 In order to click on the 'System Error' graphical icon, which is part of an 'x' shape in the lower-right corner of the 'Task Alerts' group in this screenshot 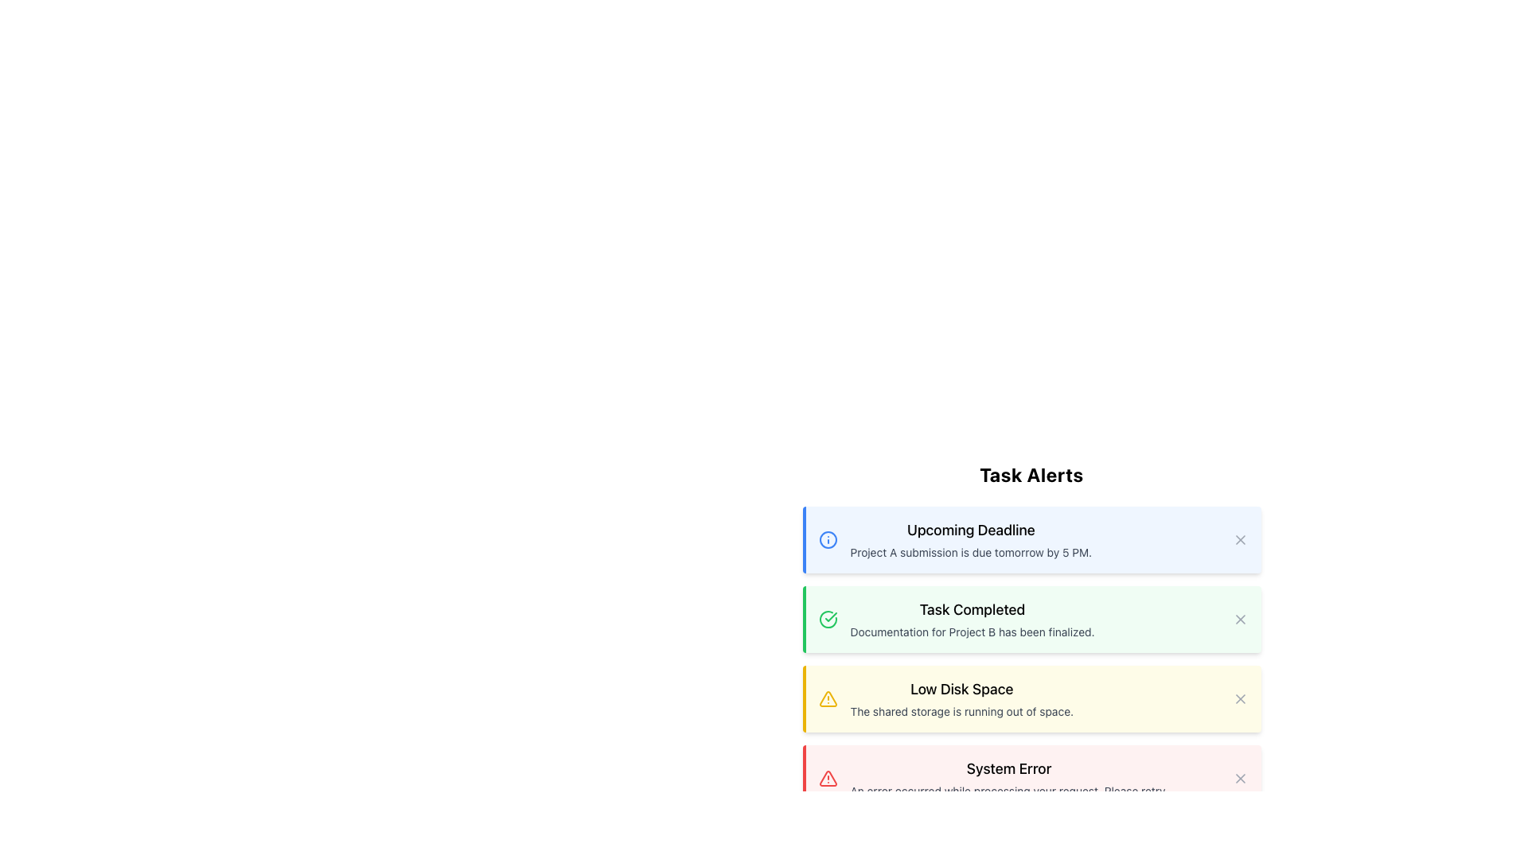, I will do `click(1239, 778)`.